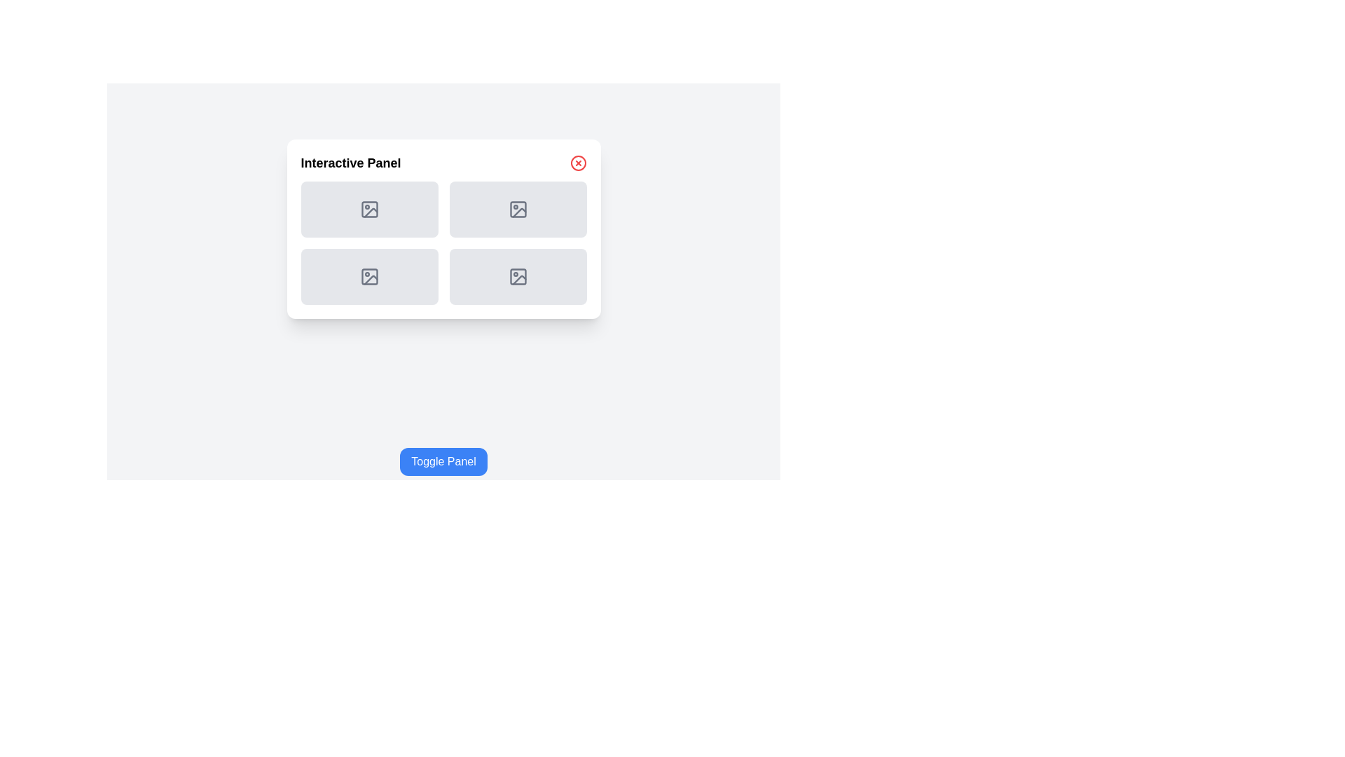  I want to click on the grid section containing the image placeholder, so click(443, 243).